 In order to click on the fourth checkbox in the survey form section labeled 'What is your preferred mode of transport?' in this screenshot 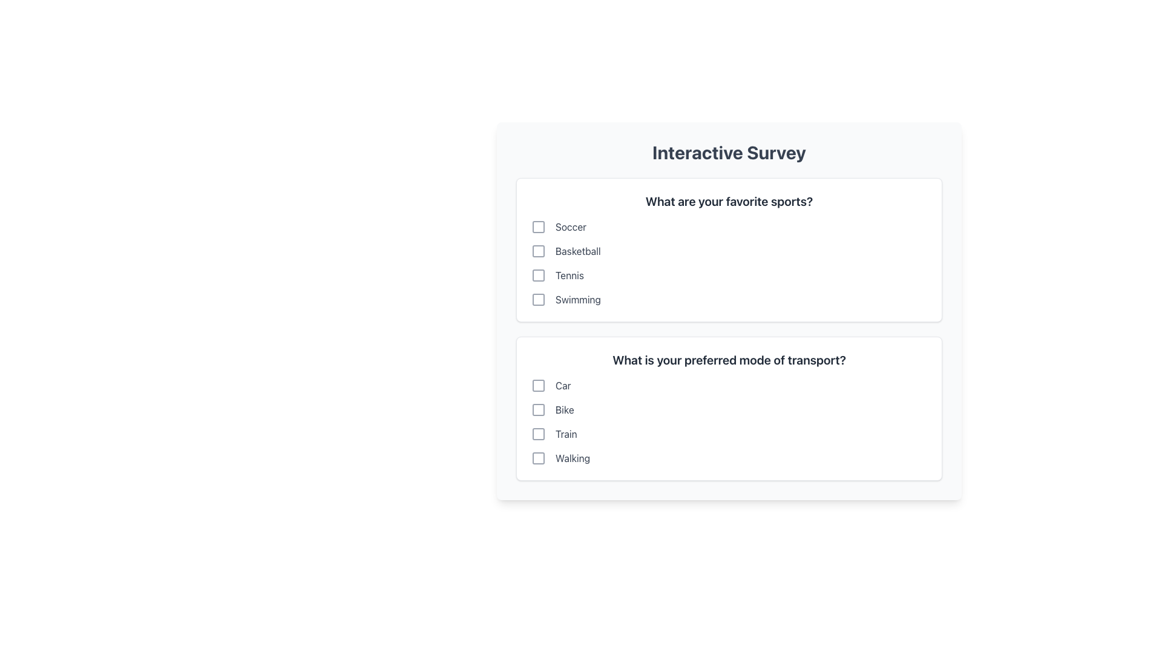, I will do `click(537, 458)`.